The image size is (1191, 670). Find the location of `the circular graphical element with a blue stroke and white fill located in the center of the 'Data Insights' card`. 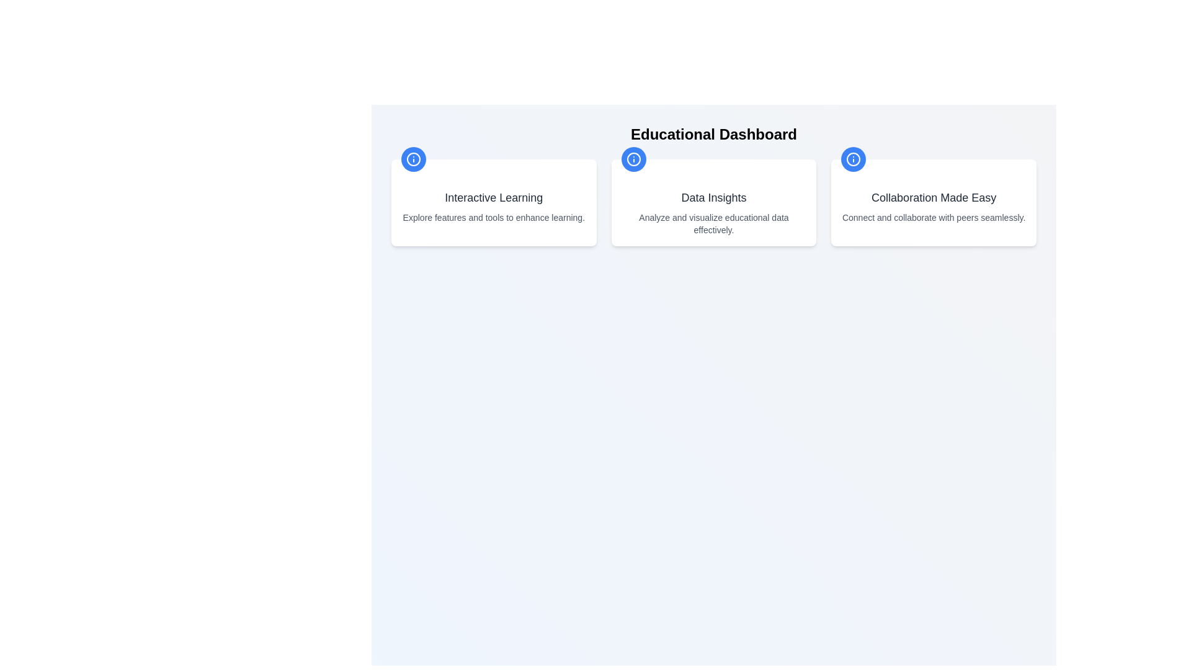

the circular graphical element with a blue stroke and white fill located in the center of the 'Data Insights' card is located at coordinates (633, 159).